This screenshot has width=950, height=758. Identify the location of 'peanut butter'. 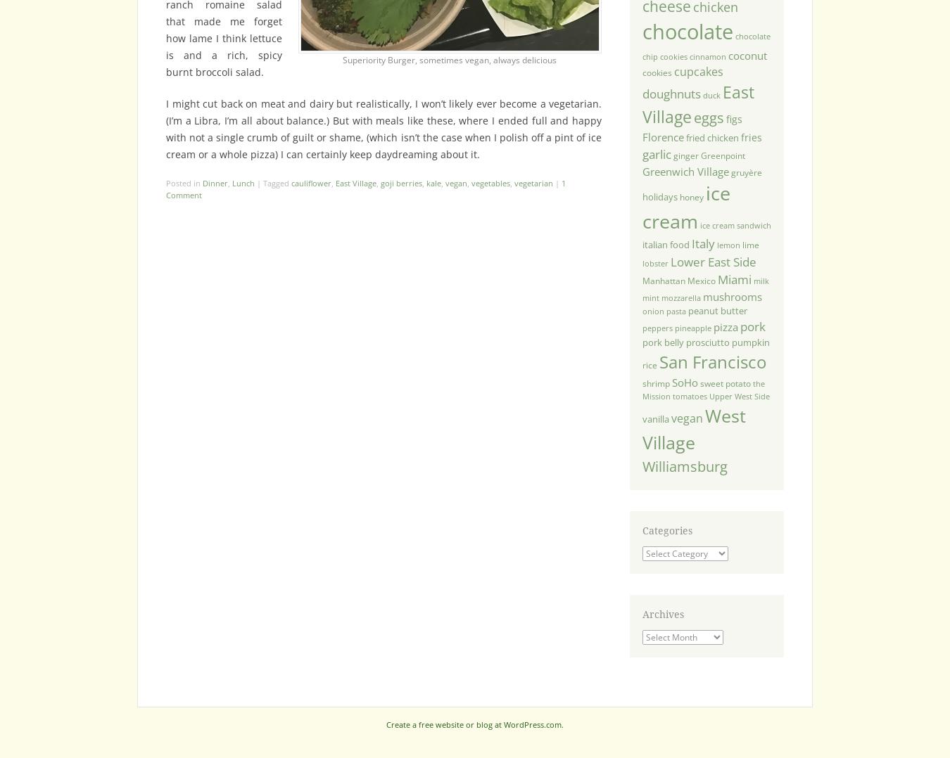
(716, 310).